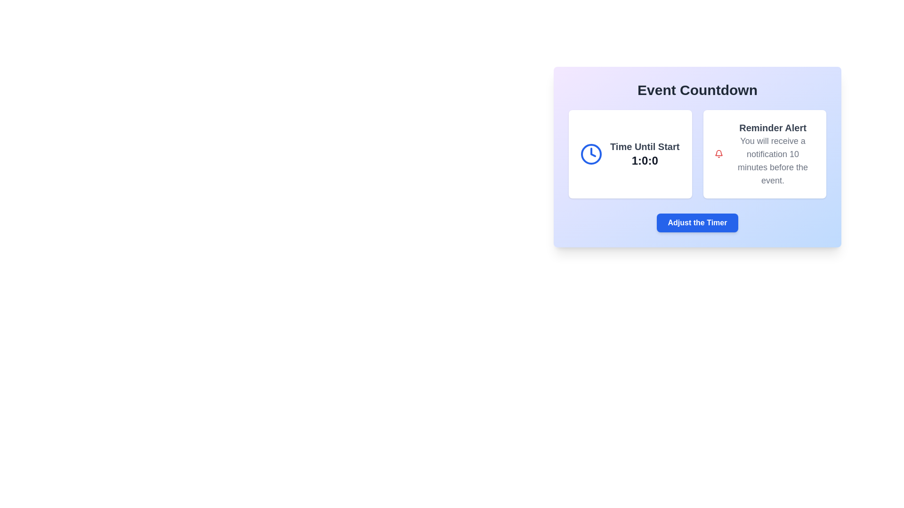 The width and height of the screenshot is (904, 508). I want to click on the bell icon indicating an alert or notification within the 'Reminder Alert' section, so click(718, 153).